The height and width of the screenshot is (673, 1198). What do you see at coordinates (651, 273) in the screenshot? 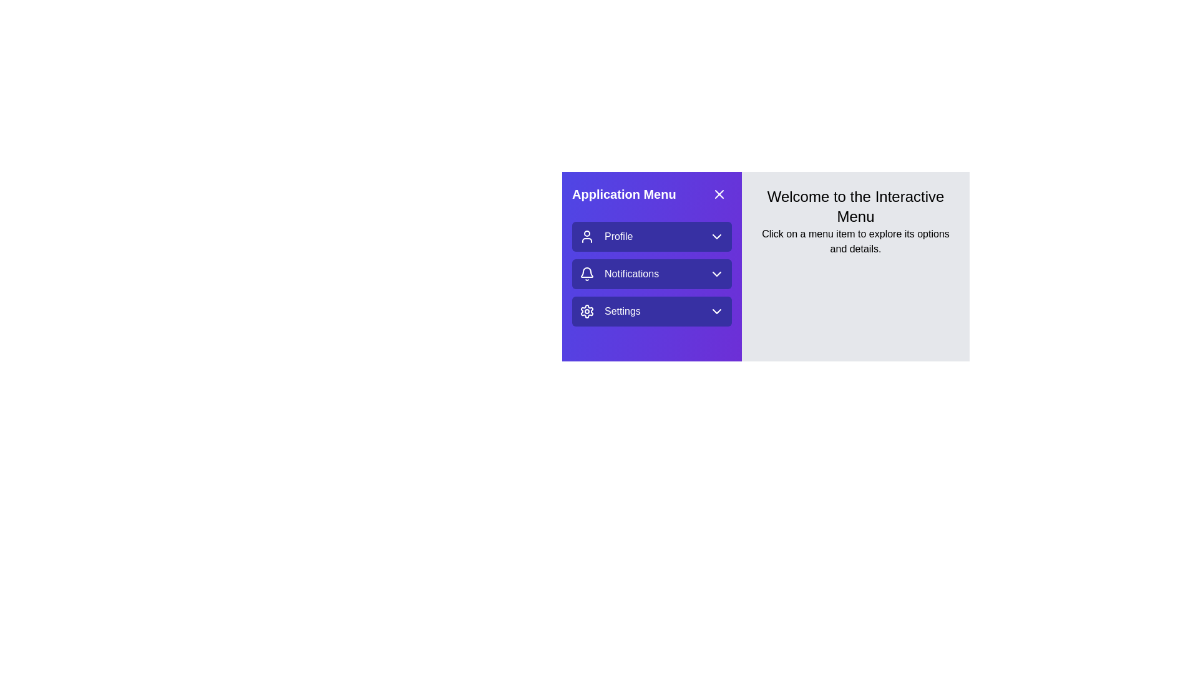
I see `the 'Notifications' button, which is the second option in the vertical menu` at bounding box center [651, 273].